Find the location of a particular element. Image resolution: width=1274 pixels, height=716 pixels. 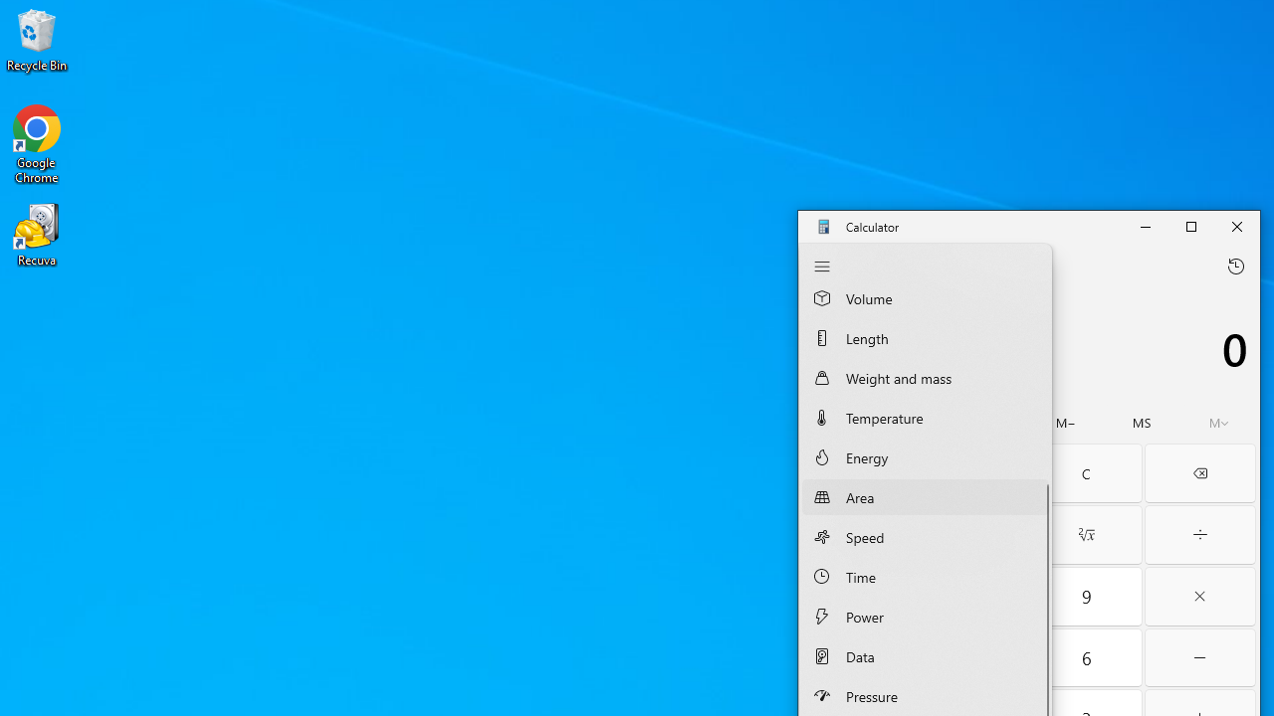

'Close Navigation' is located at coordinates (822, 265).